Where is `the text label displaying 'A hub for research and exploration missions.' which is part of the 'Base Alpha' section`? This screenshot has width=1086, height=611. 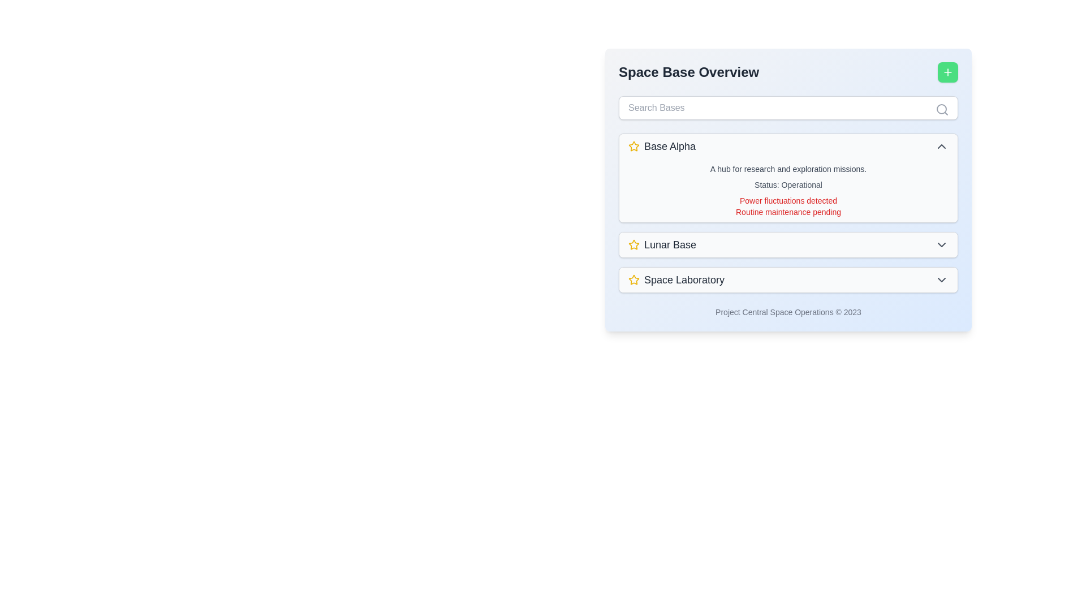
the text label displaying 'A hub for research and exploration missions.' which is part of the 'Base Alpha' section is located at coordinates (787, 169).